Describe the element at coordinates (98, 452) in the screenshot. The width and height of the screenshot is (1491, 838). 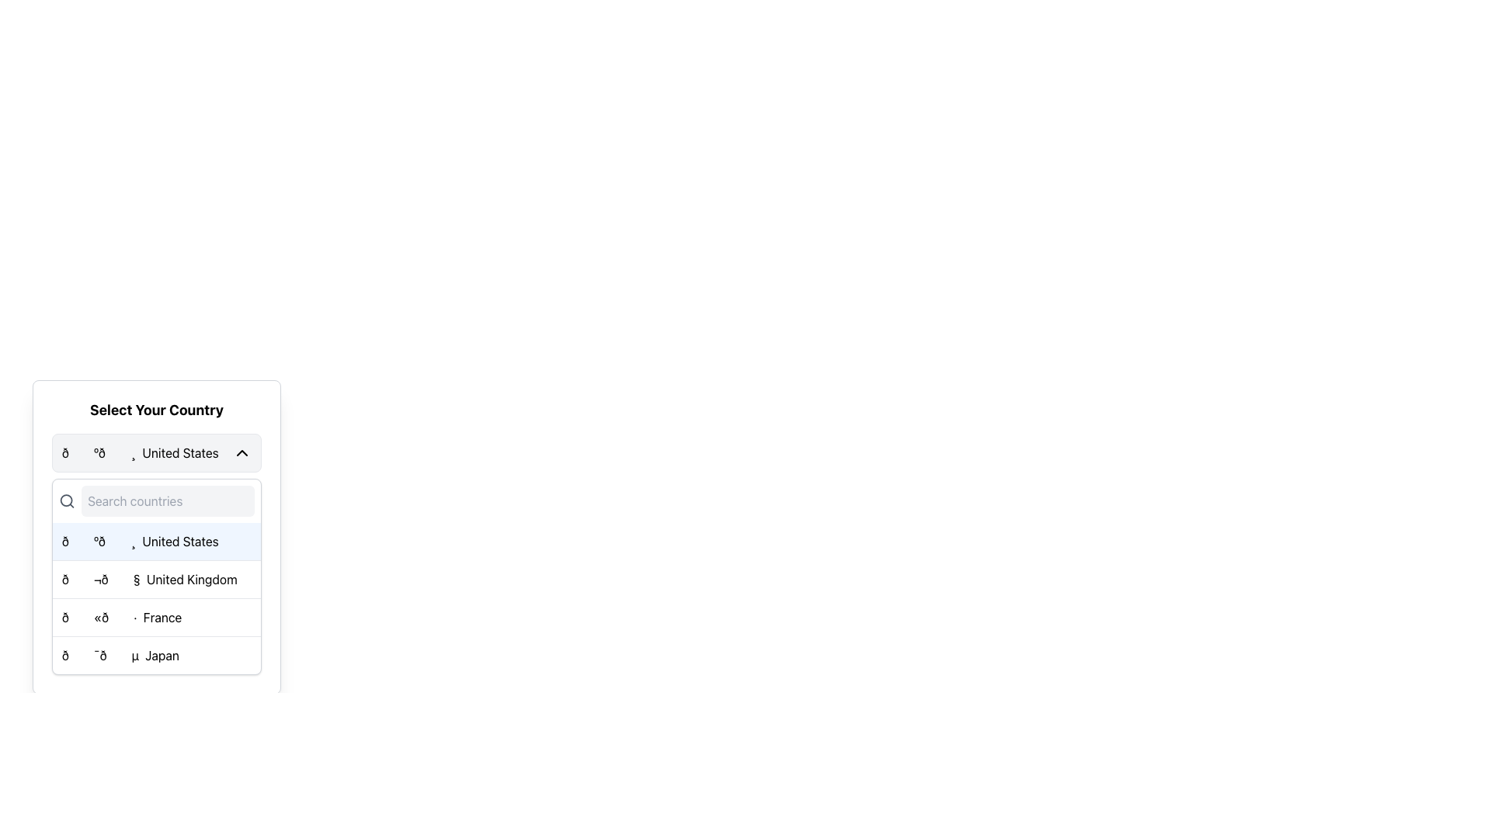
I see `the flag icon representing the United States in the 'Select Your Country' dropdown menu` at that location.